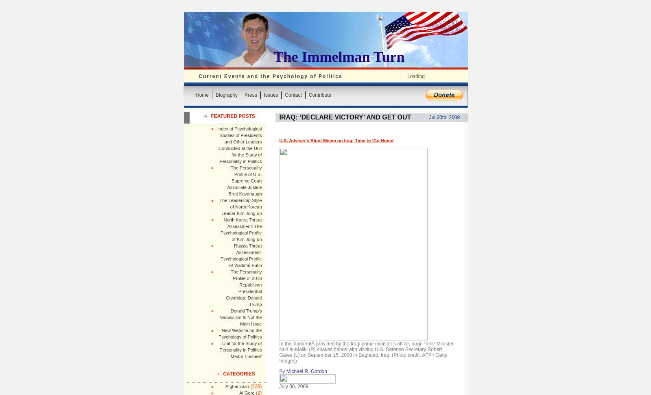 Image resolution: width=651 pixels, height=395 pixels. What do you see at coordinates (255, 386) in the screenshot?
I see `'(228)'` at bounding box center [255, 386].